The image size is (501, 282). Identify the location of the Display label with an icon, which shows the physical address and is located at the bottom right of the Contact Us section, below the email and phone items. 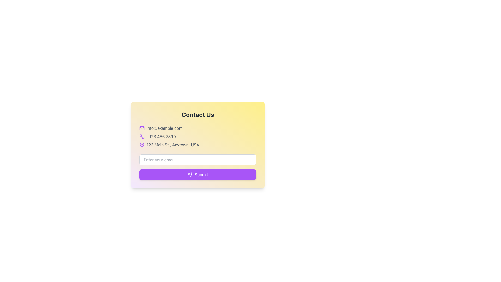
(198, 145).